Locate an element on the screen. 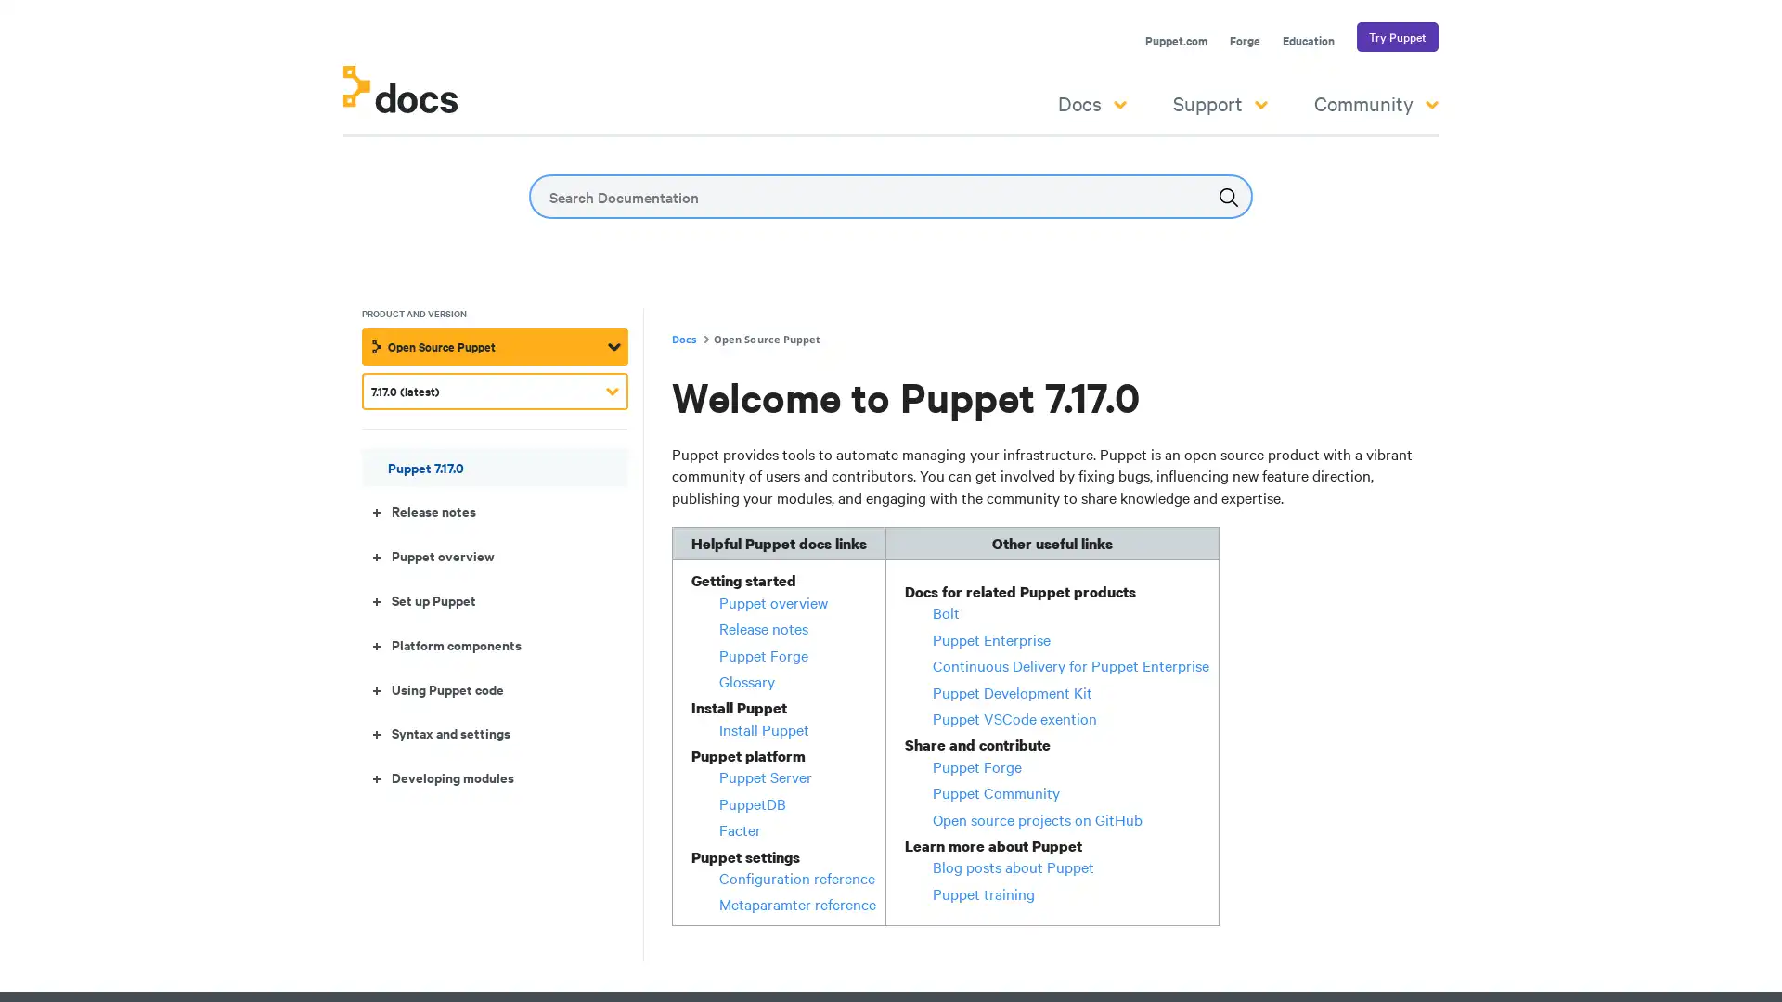 This screenshot has height=1002, width=1782. 7.17.0 (latest) is located at coordinates (495, 389).